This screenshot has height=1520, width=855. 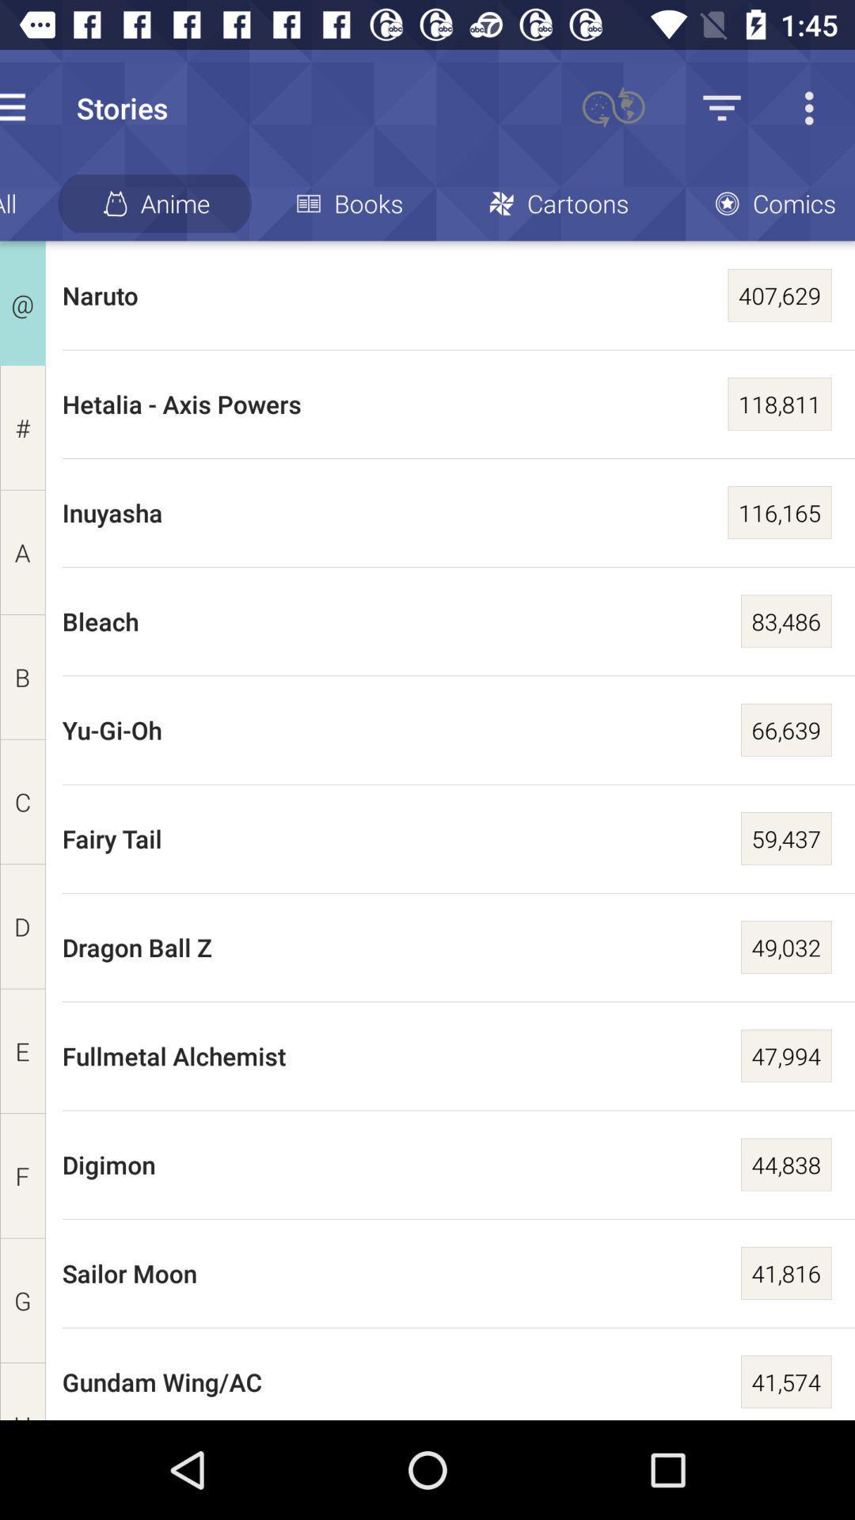 What do you see at coordinates (813, 107) in the screenshot?
I see `the more icon` at bounding box center [813, 107].